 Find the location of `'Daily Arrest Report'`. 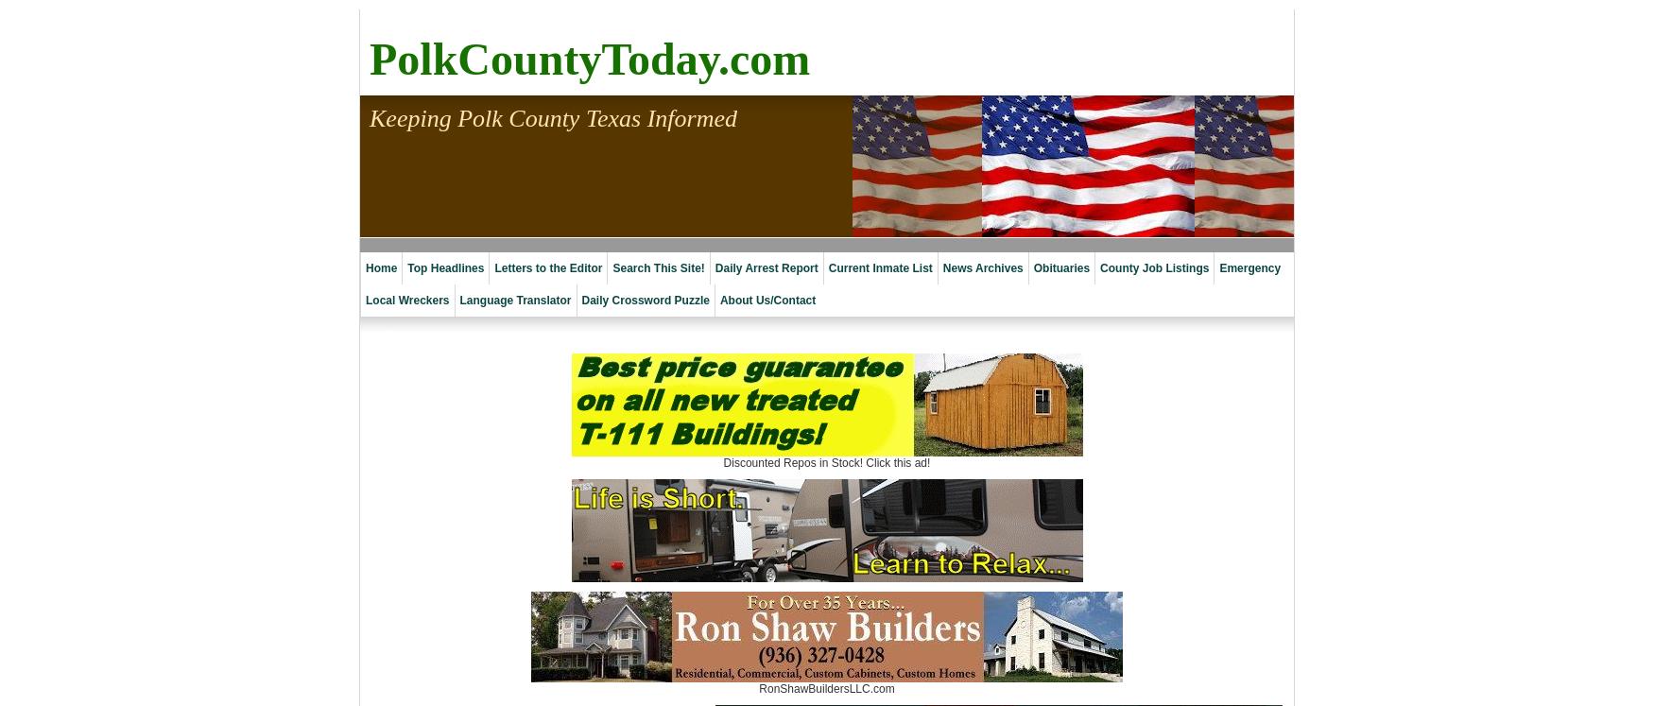

'Daily Arrest Report' is located at coordinates (765, 268).